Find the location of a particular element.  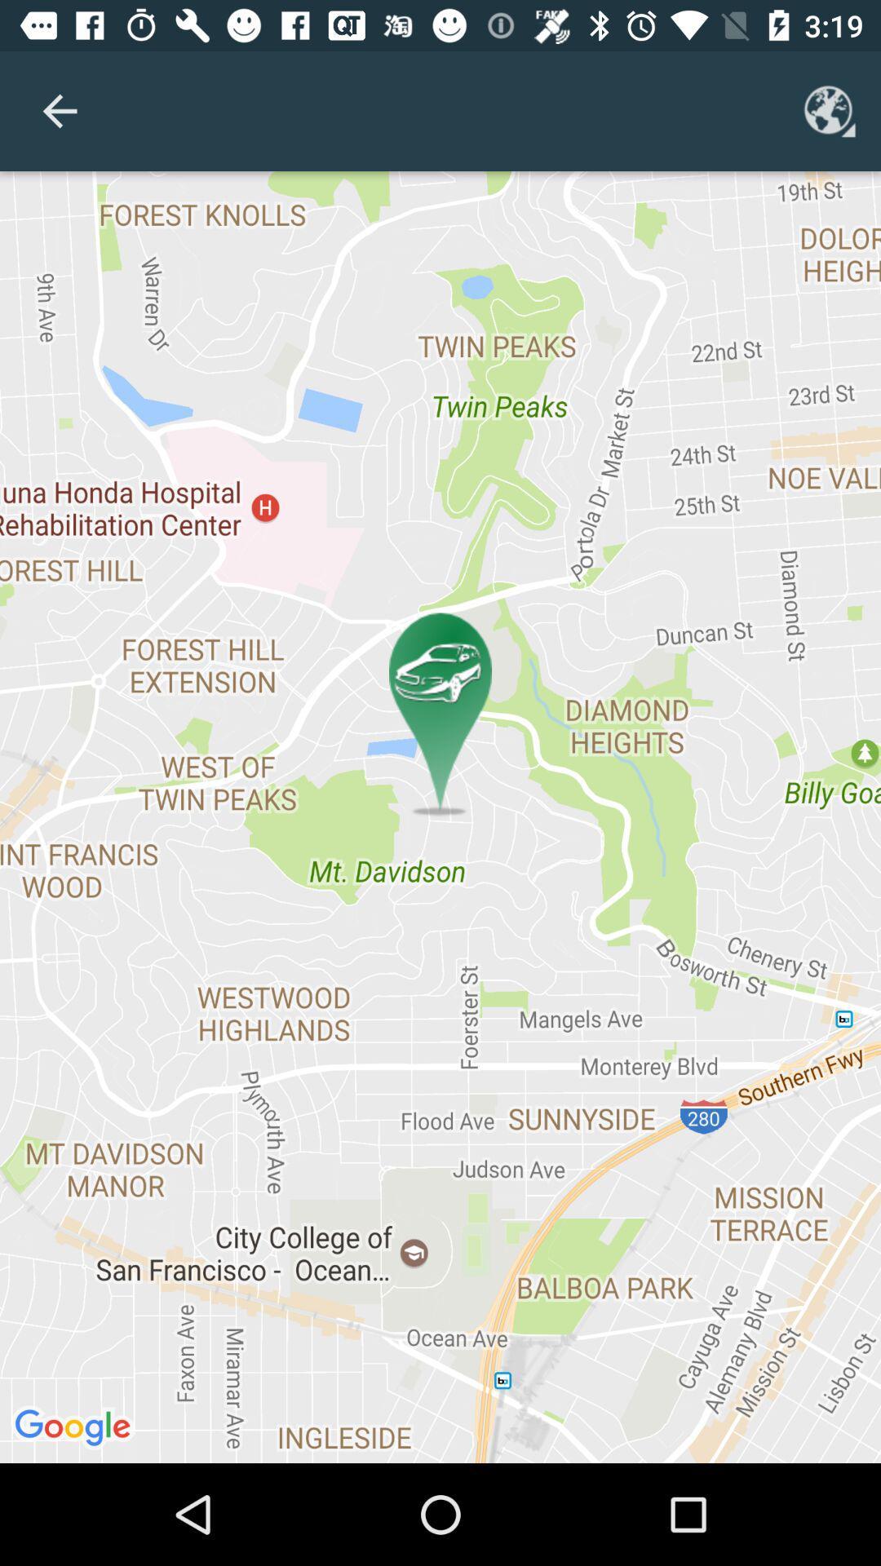

item at the top left corner is located at coordinates (59, 110).